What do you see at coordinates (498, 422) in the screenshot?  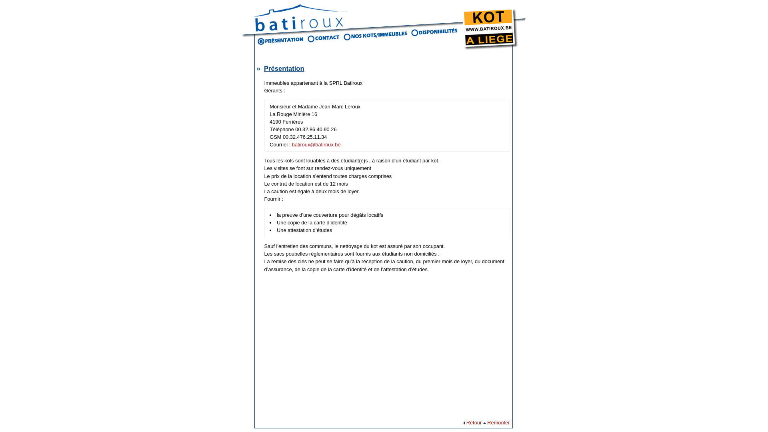 I see `'Remonter'` at bounding box center [498, 422].